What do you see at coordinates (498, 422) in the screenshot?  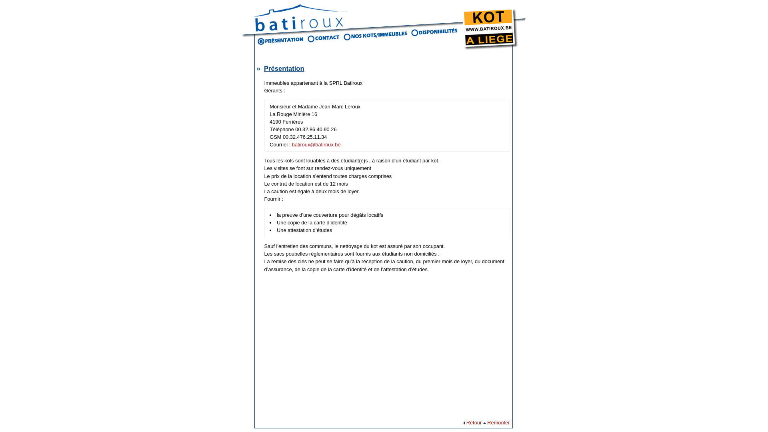 I see `'Remonter'` at bounding box center [498, 422].